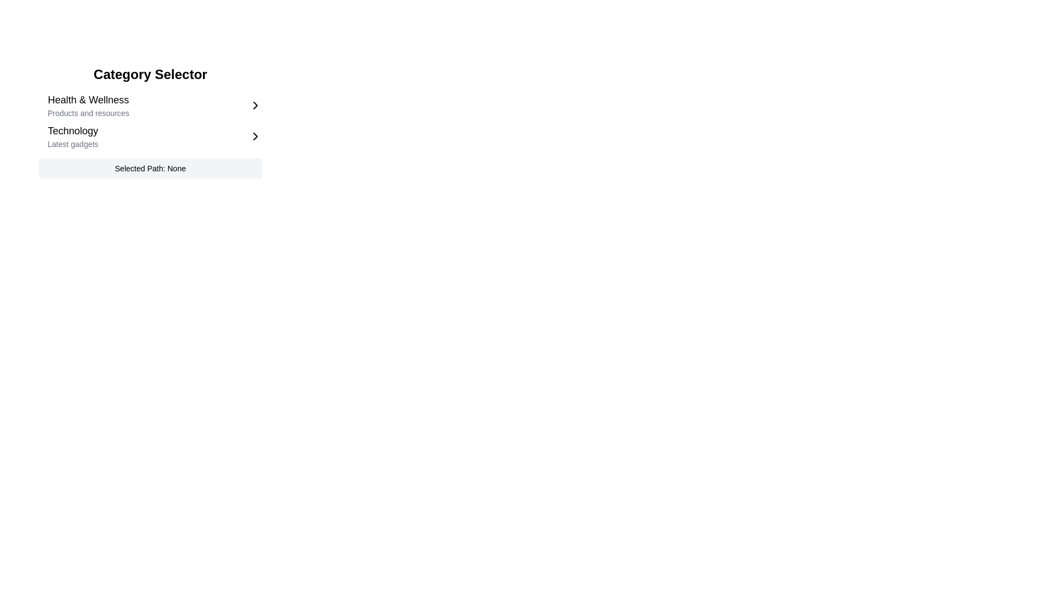 The width and height of the screenshot is (1062, 597). Describe the element at coordinates (72, 135) in the screenshot. I see `the 'Technology' category option with the description 'Latest gadgets'` at that location.